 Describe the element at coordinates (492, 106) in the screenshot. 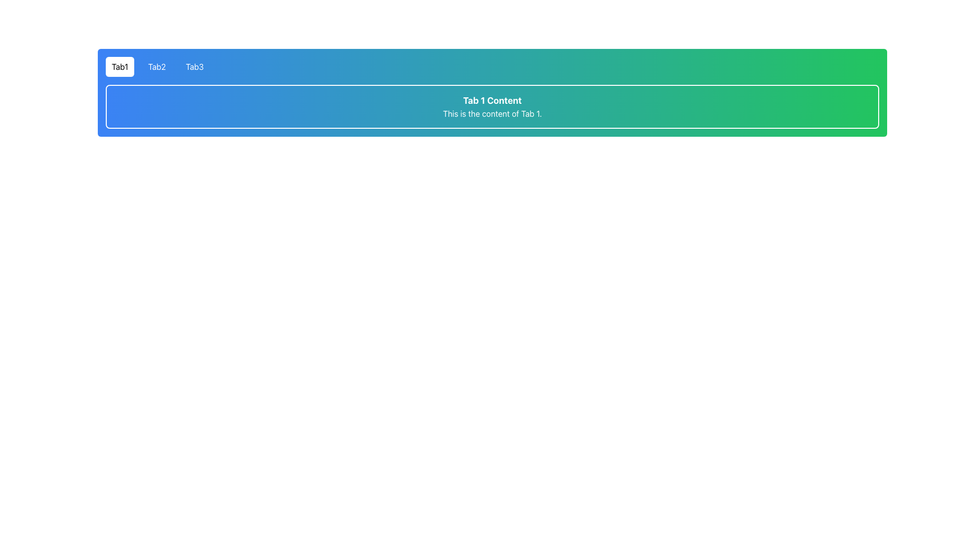

I see `the Text Display Panel that provides content for 'Tab 1,' located centrally below the tab selection buttons` at that location.